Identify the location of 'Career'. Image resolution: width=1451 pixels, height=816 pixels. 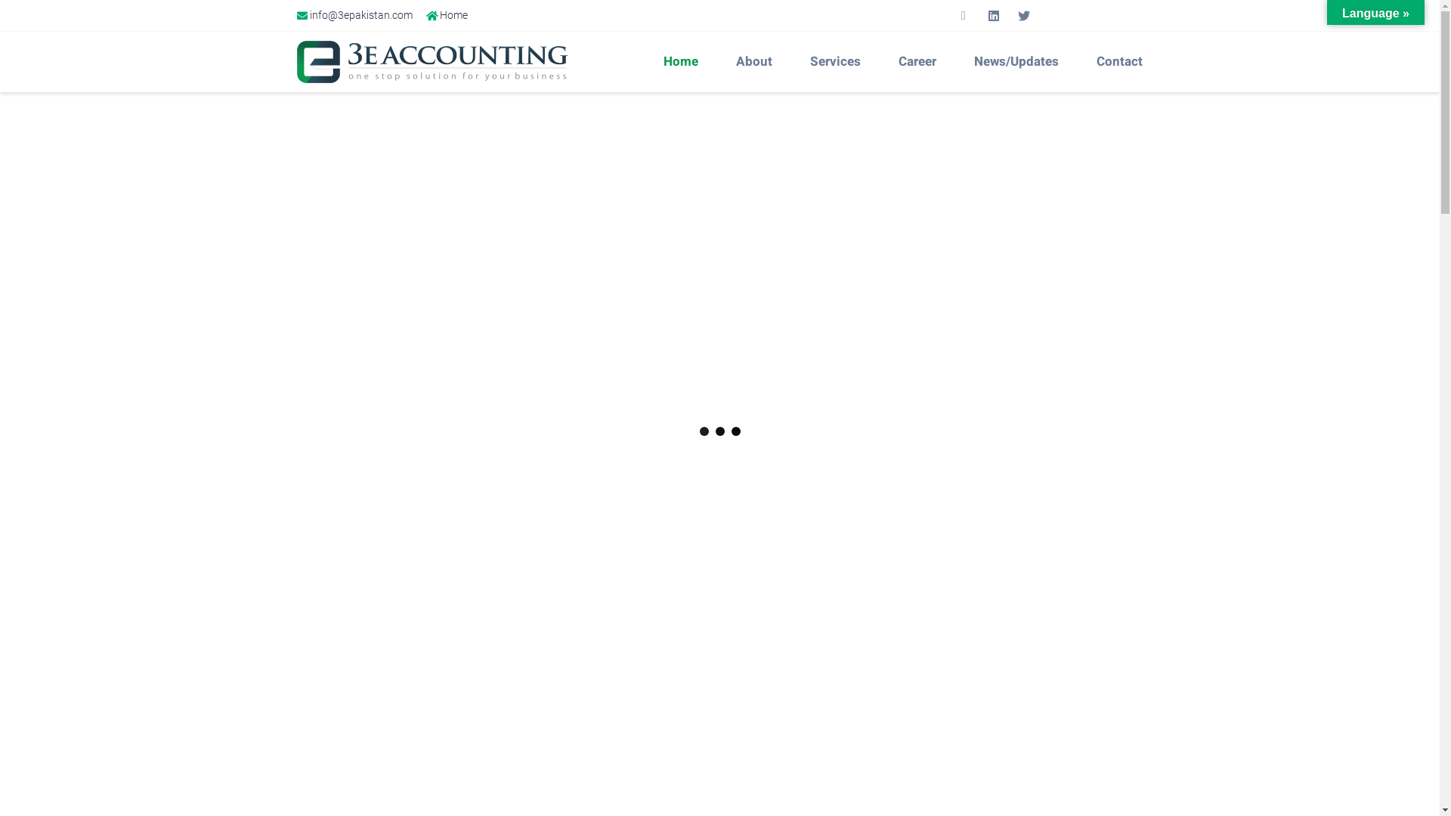
(883, 60).